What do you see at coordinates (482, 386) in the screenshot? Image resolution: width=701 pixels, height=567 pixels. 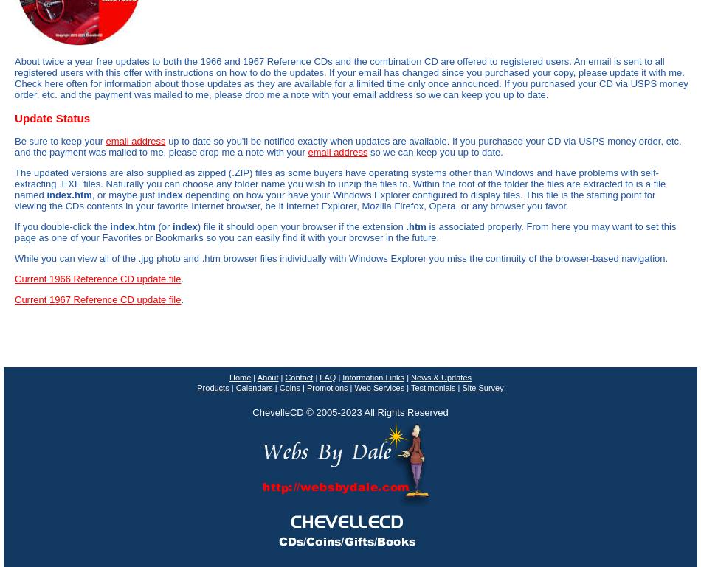 I see `'Site Survey'` at bounding box center [482, 386].